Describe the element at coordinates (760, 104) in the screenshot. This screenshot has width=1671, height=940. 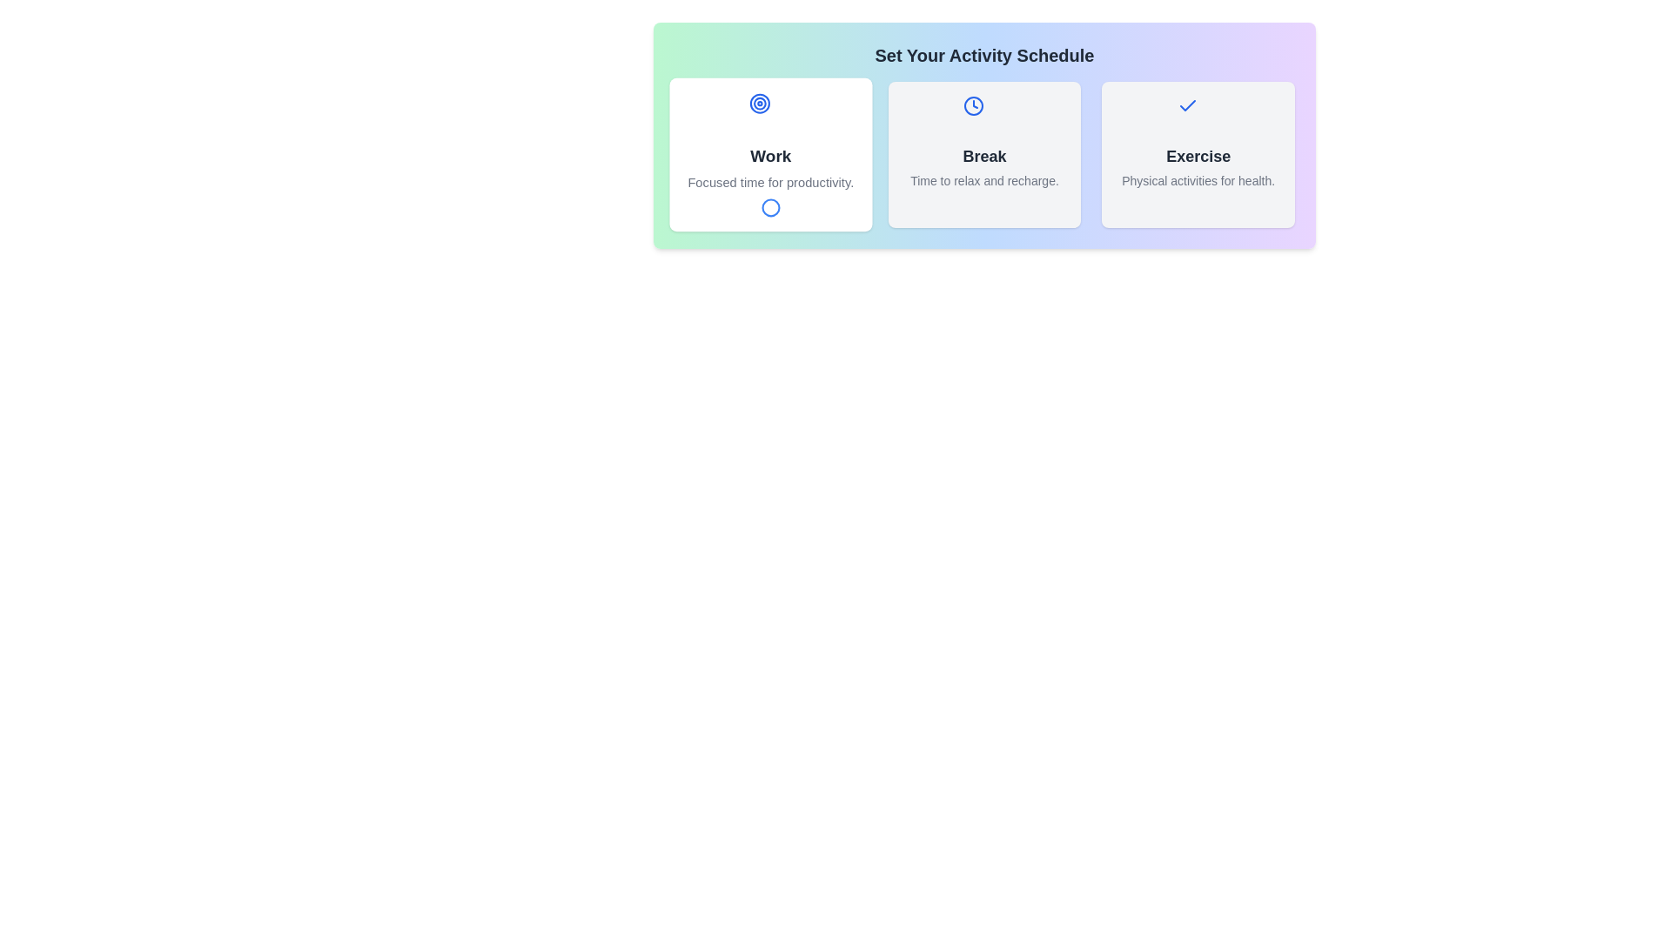
I see `the largest outer circle of the concentric circles in the 'Work' card, which symbolizes focus or targeting` at that location.